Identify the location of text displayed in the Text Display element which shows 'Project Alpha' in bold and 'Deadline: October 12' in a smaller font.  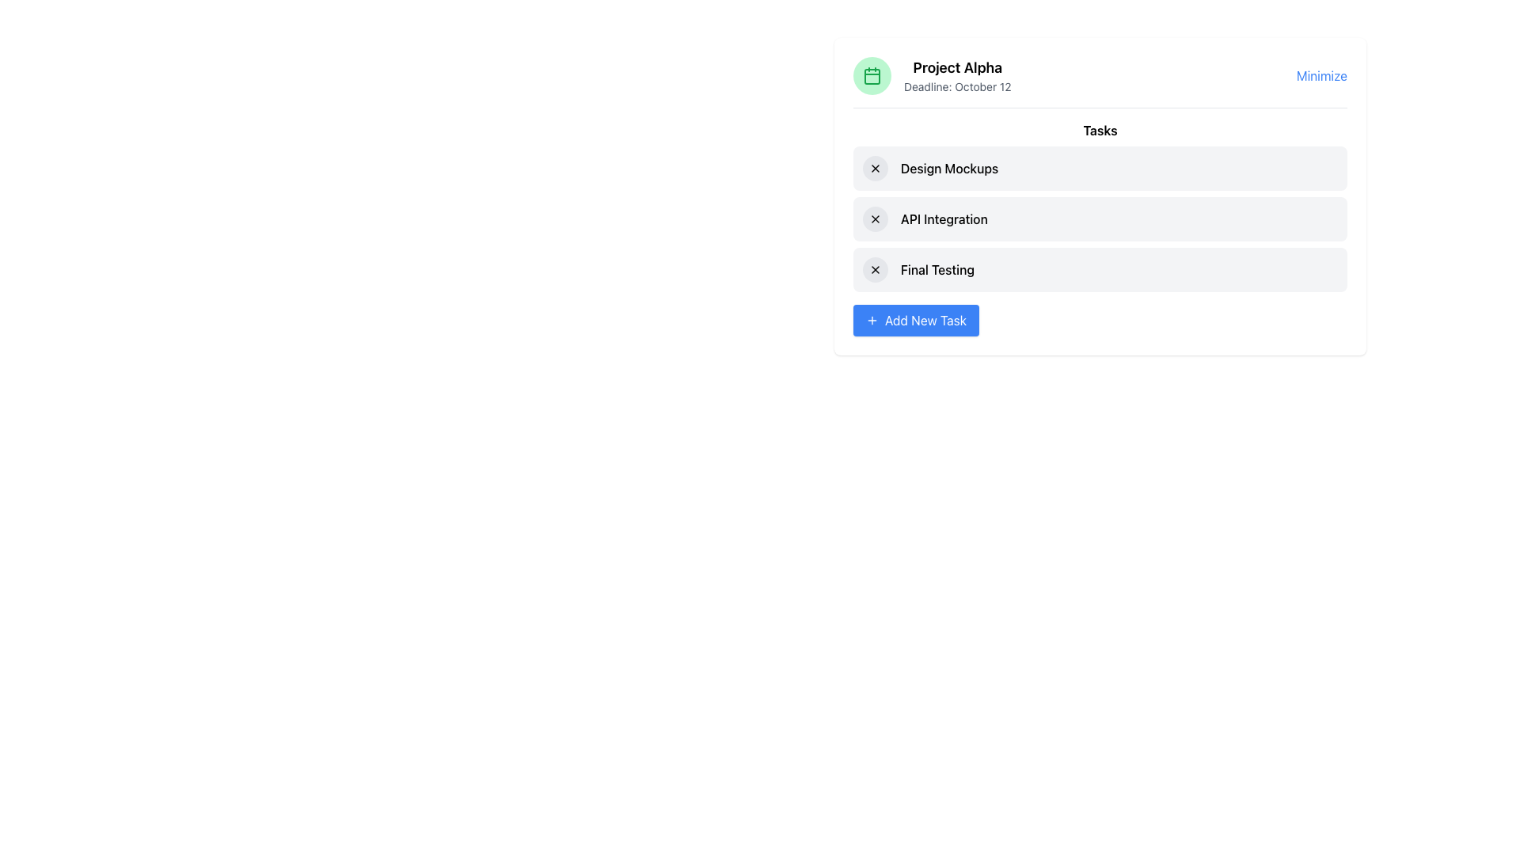
(956, 76).